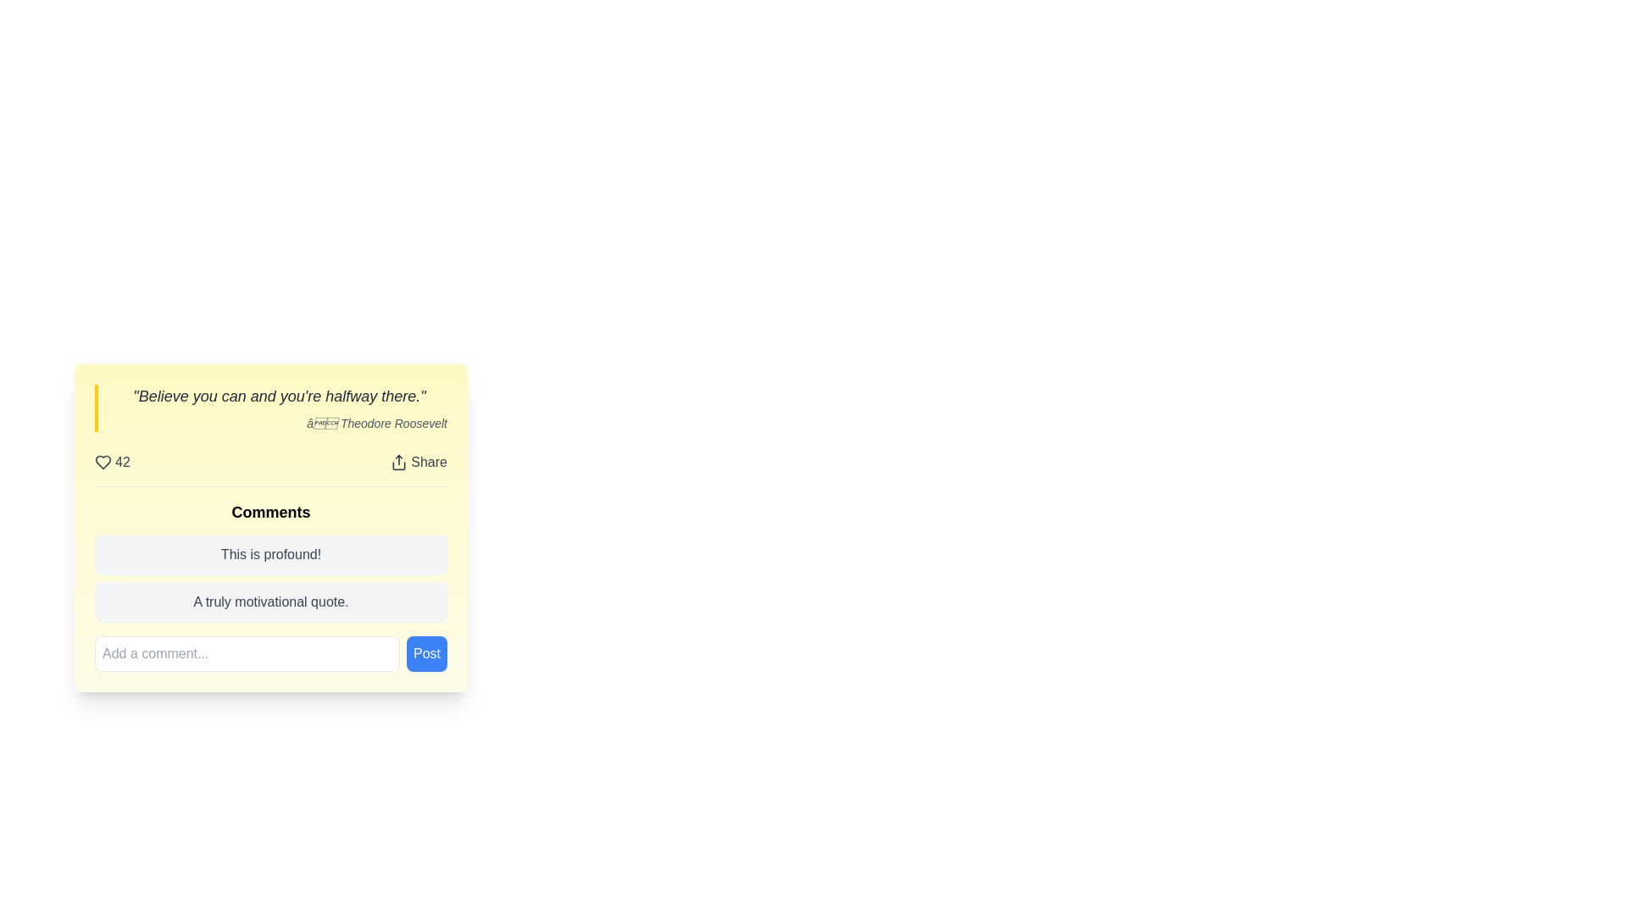 Image resolution: width=1627 pixels, height=915 pixels. What do you see at coordinates (429, 463) in the screenshot?
I see `the 'Share' text label, which is styled in a readable font and located in the lower right corner of a card-like section` at bounding box center [429, 463].